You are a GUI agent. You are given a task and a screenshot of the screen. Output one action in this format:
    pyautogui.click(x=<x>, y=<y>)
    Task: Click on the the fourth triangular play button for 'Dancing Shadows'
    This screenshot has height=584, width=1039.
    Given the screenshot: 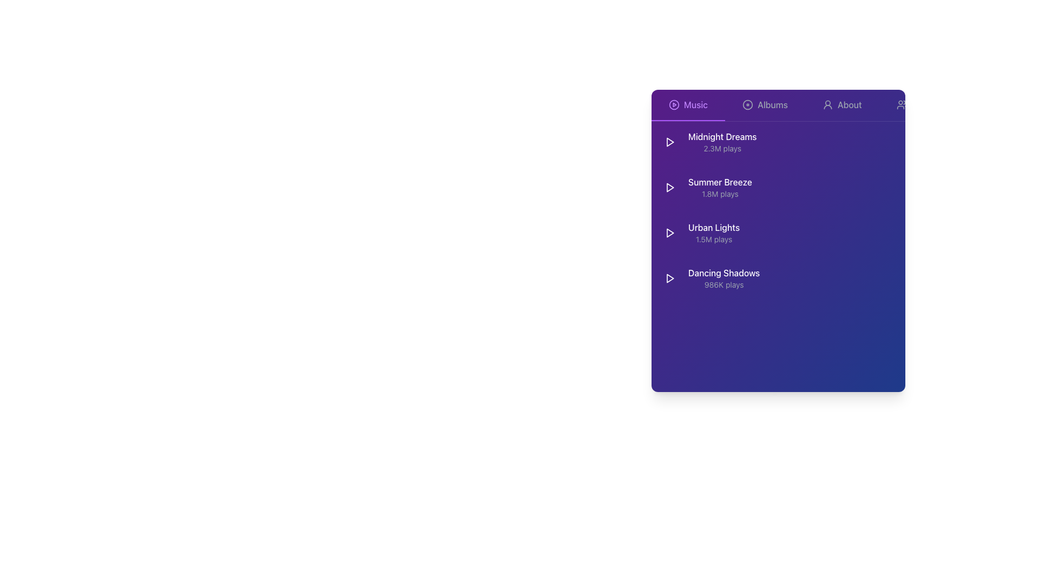 What is the action you would take?
    pyautogui.click(x=669, y=278)
    